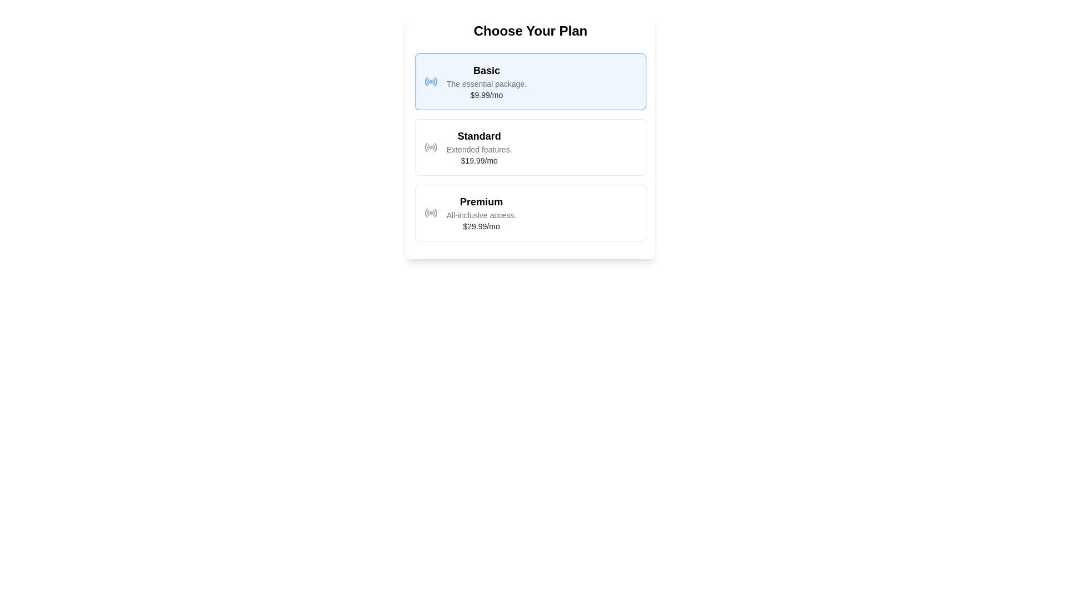 This screenshot has height=601, width=1068. Describe the element at coordinates (530, 213) in the screenshot. I see `the 'Premium' plan selectable option box` at that location.